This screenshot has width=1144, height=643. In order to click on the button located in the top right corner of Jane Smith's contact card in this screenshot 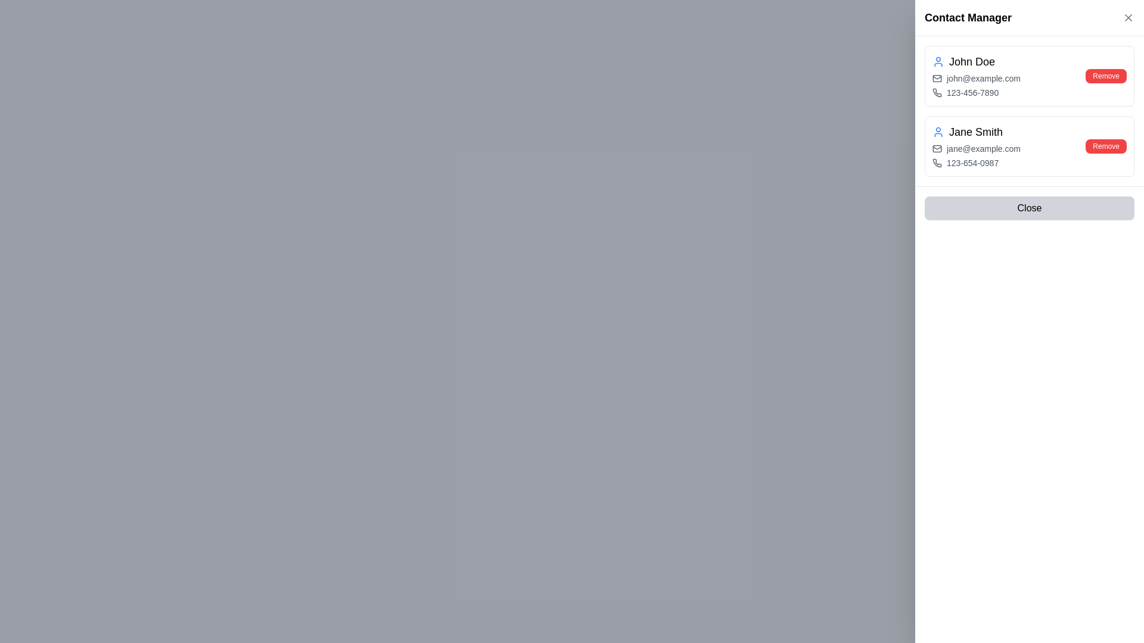, I will do `click(1105, 146)`.